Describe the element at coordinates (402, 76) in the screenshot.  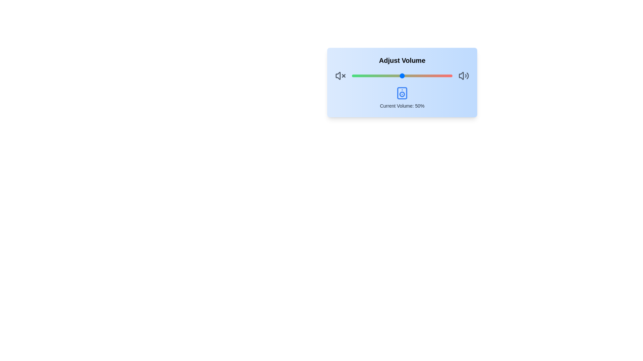
I see `the volume slider to 50%` at that location.